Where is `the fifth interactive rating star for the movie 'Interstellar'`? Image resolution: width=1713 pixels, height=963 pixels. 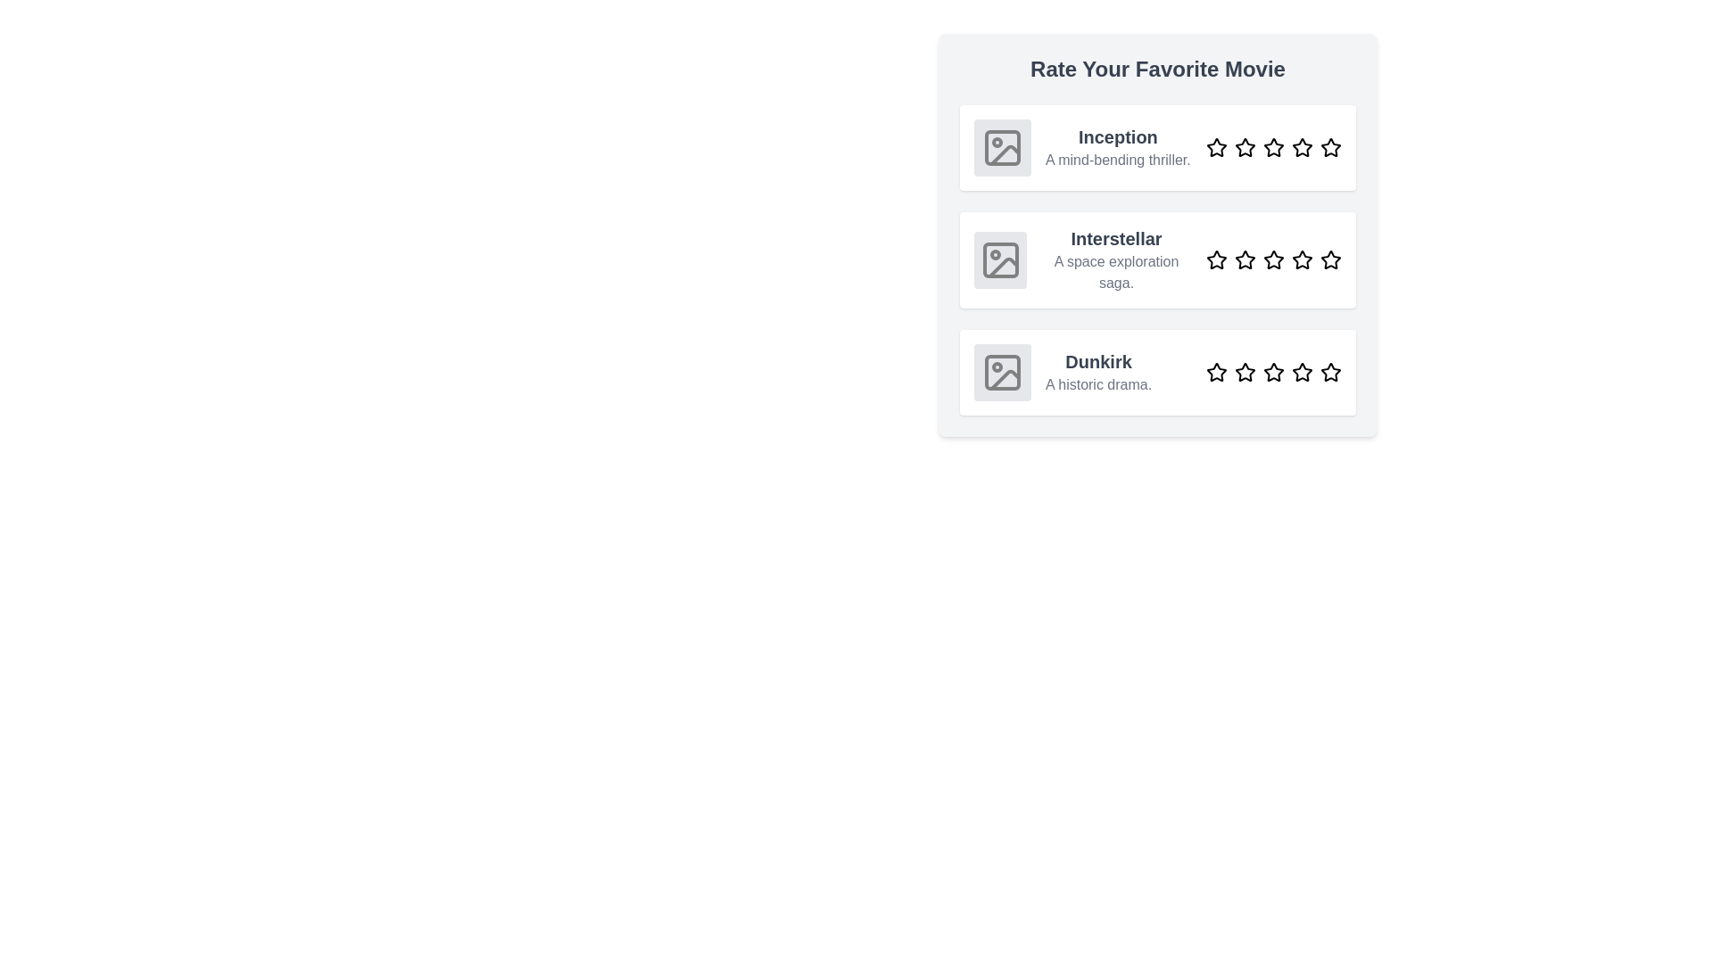 the fifth interactive rating star for the movie 'Interstellar' is located at coordinates (1331, 259).